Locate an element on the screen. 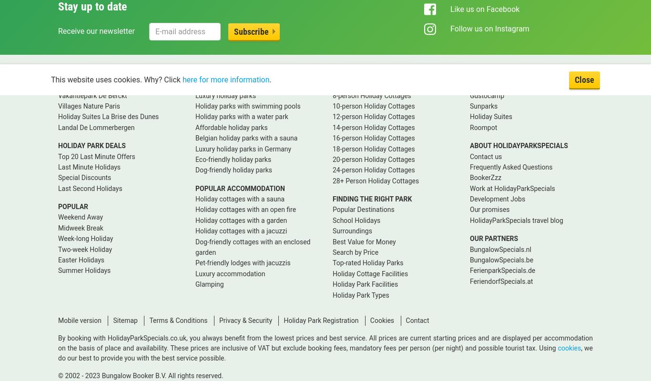  'Affordable holiday parks' is located at coordinates (231, 126).